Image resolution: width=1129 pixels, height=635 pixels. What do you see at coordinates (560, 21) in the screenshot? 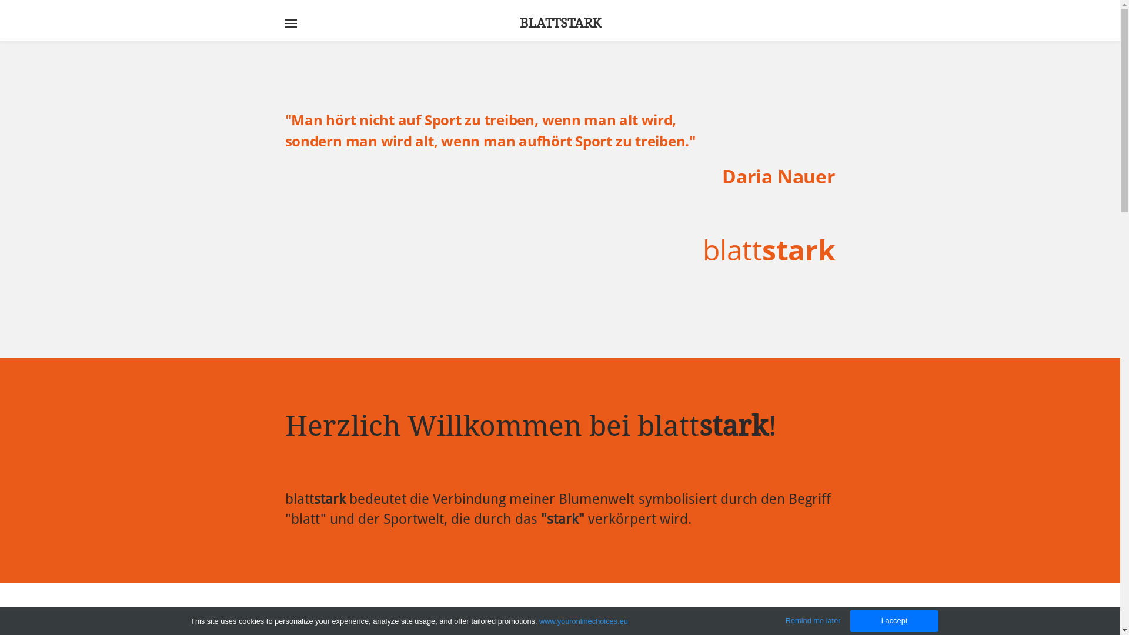
I see `'BLATTSTARK'` at bounding box center [560, 21].